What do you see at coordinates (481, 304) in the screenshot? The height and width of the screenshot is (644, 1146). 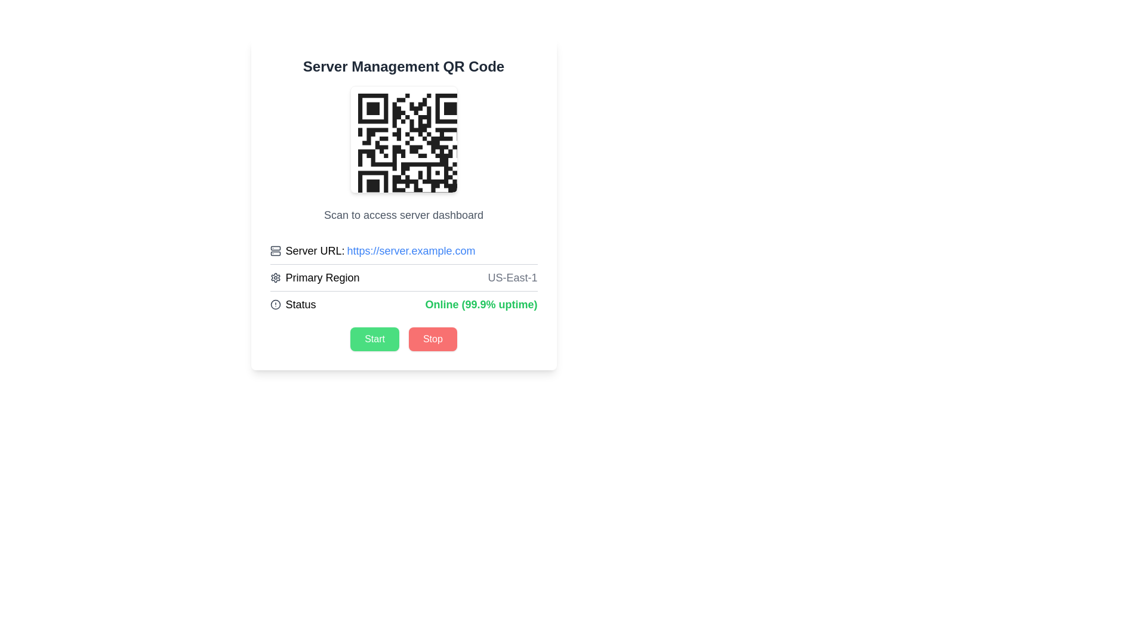 I see `the text label indicating the online status and uptime percentage of the service` at bounding box center [481, 304].